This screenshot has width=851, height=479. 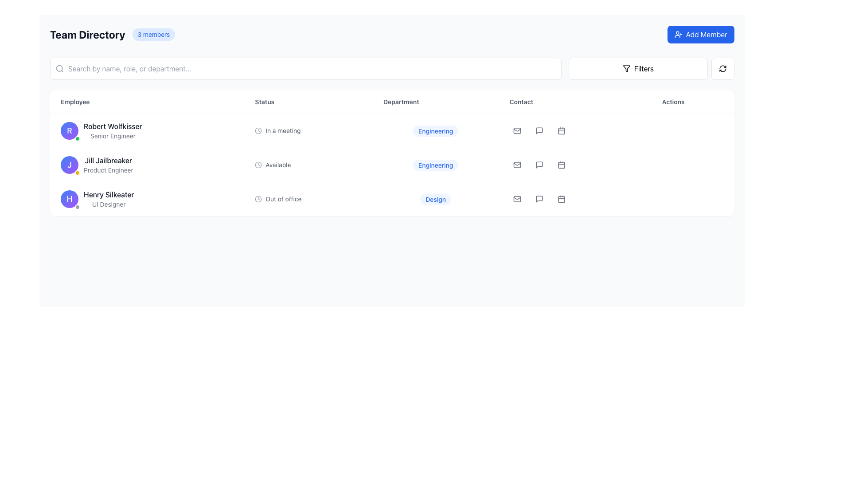 What do you see at coordinates (539, 198) in the screenshot?
I see `the message icon styled with a speech bubble outline in gray color, located in the 'Actions' column for 'Henry Silkeater' under 'Employee', to interact with the comments or message functionality` at bounding box center [539, 198].